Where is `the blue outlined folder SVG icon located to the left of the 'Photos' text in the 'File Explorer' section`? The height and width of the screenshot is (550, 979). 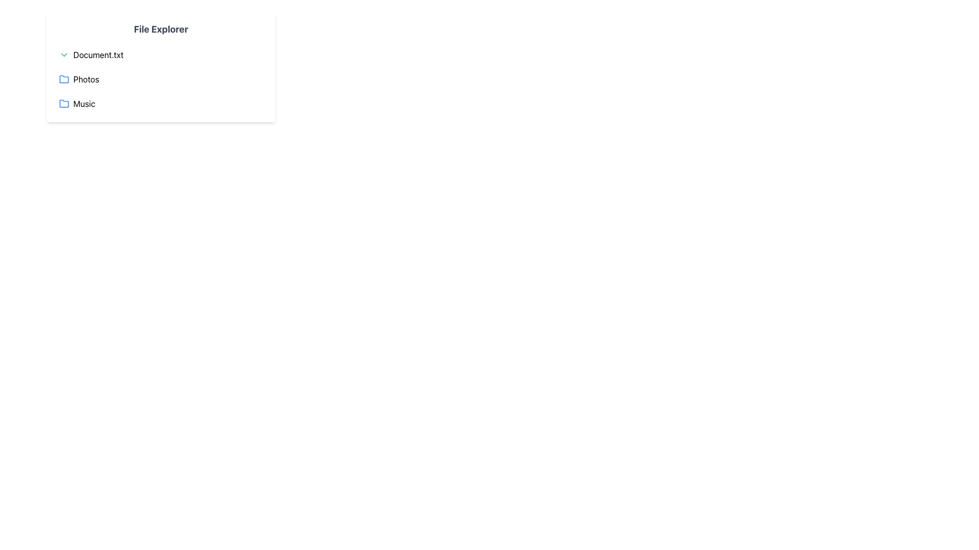 the blue outlined folder SVG icon located to the left of the 'Photos' text in the 'File Explorer' section is located at coordinates (63, 78).